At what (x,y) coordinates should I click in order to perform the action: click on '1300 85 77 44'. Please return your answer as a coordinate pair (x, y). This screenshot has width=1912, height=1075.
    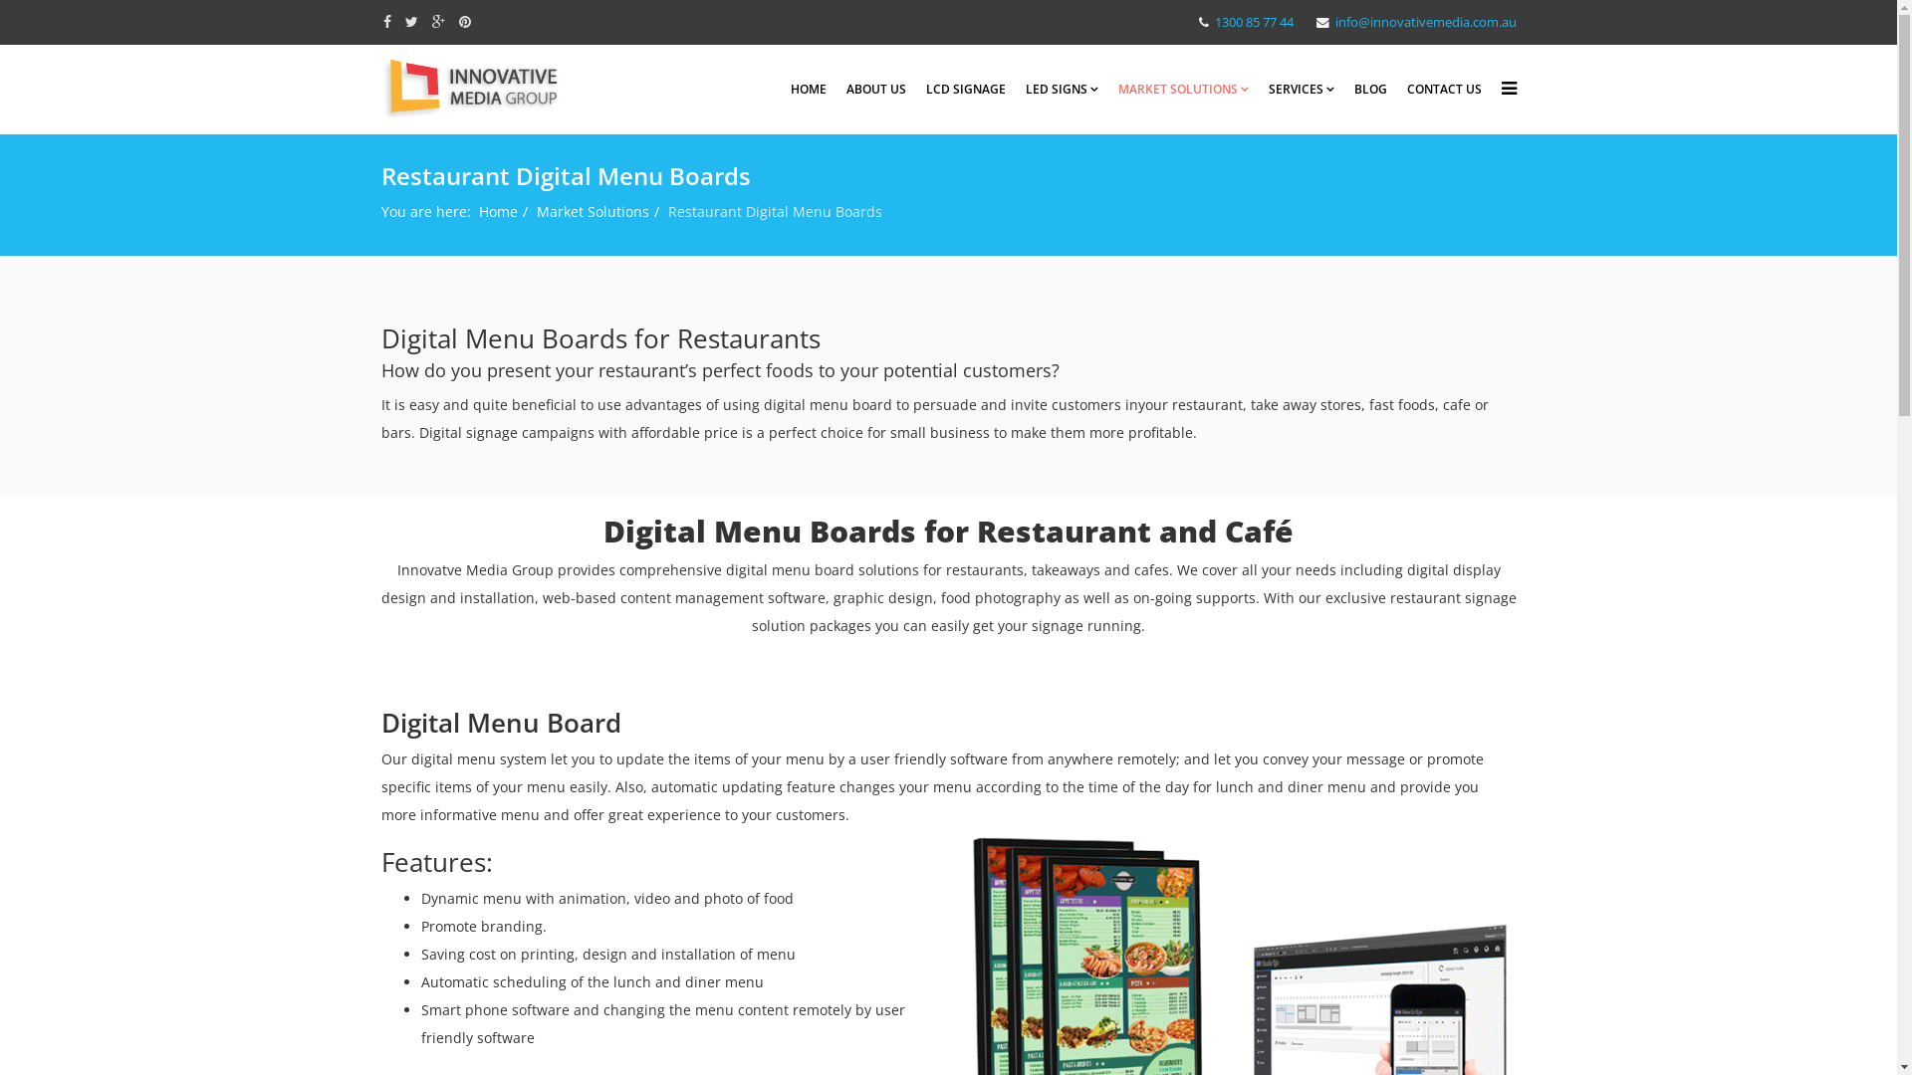
    Looking at the image, I should click on (1253, 22).